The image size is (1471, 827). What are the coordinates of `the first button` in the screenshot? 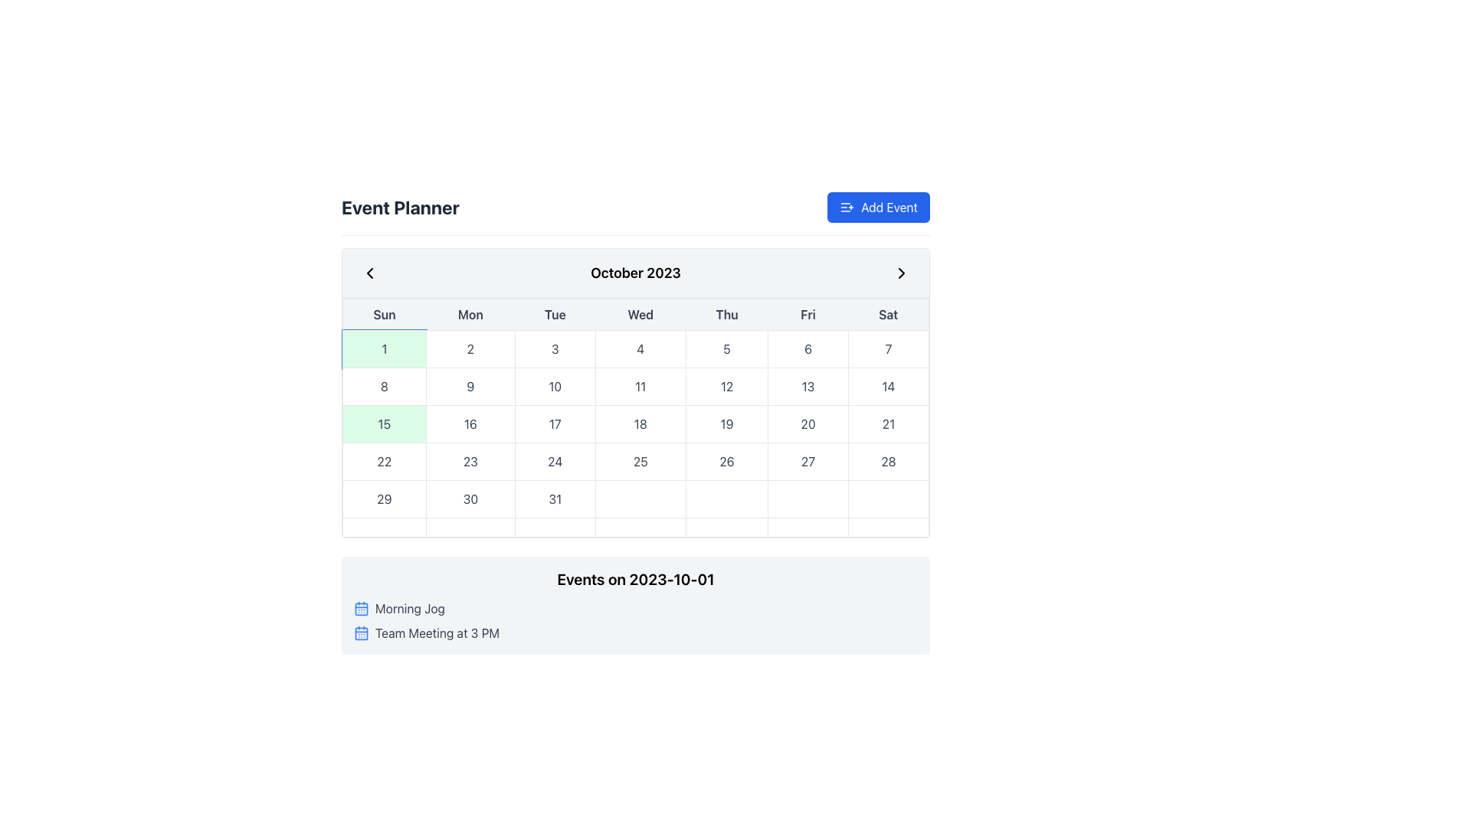 It's located at (384, 348).